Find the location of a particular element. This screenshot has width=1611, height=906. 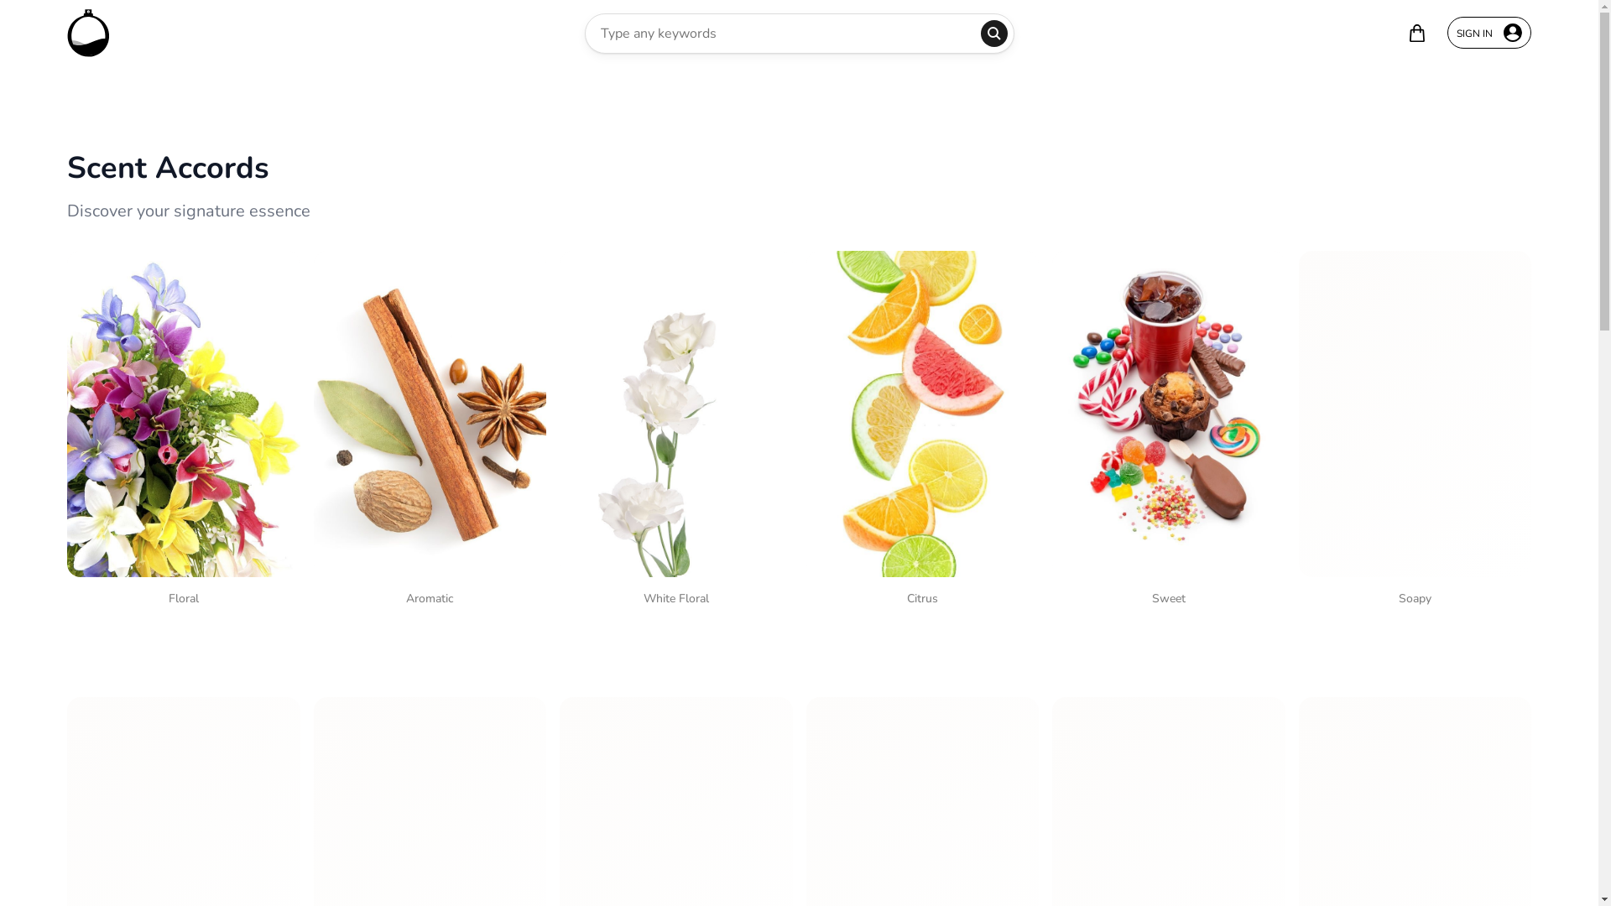

'SIGN IN' is located at coordinates (1446, 32).